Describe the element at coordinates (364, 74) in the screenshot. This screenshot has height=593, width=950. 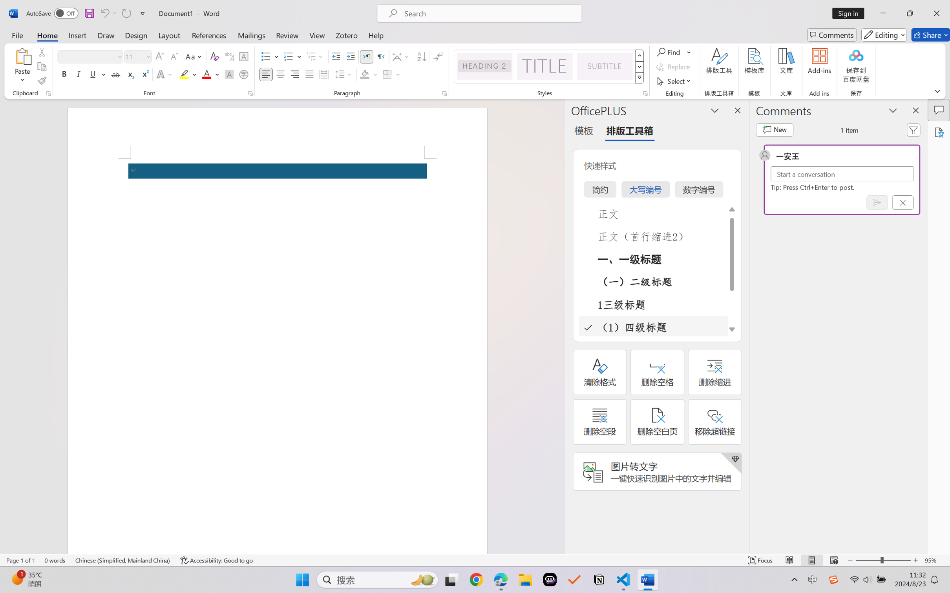
I see `'Shading No Color'` at that location.